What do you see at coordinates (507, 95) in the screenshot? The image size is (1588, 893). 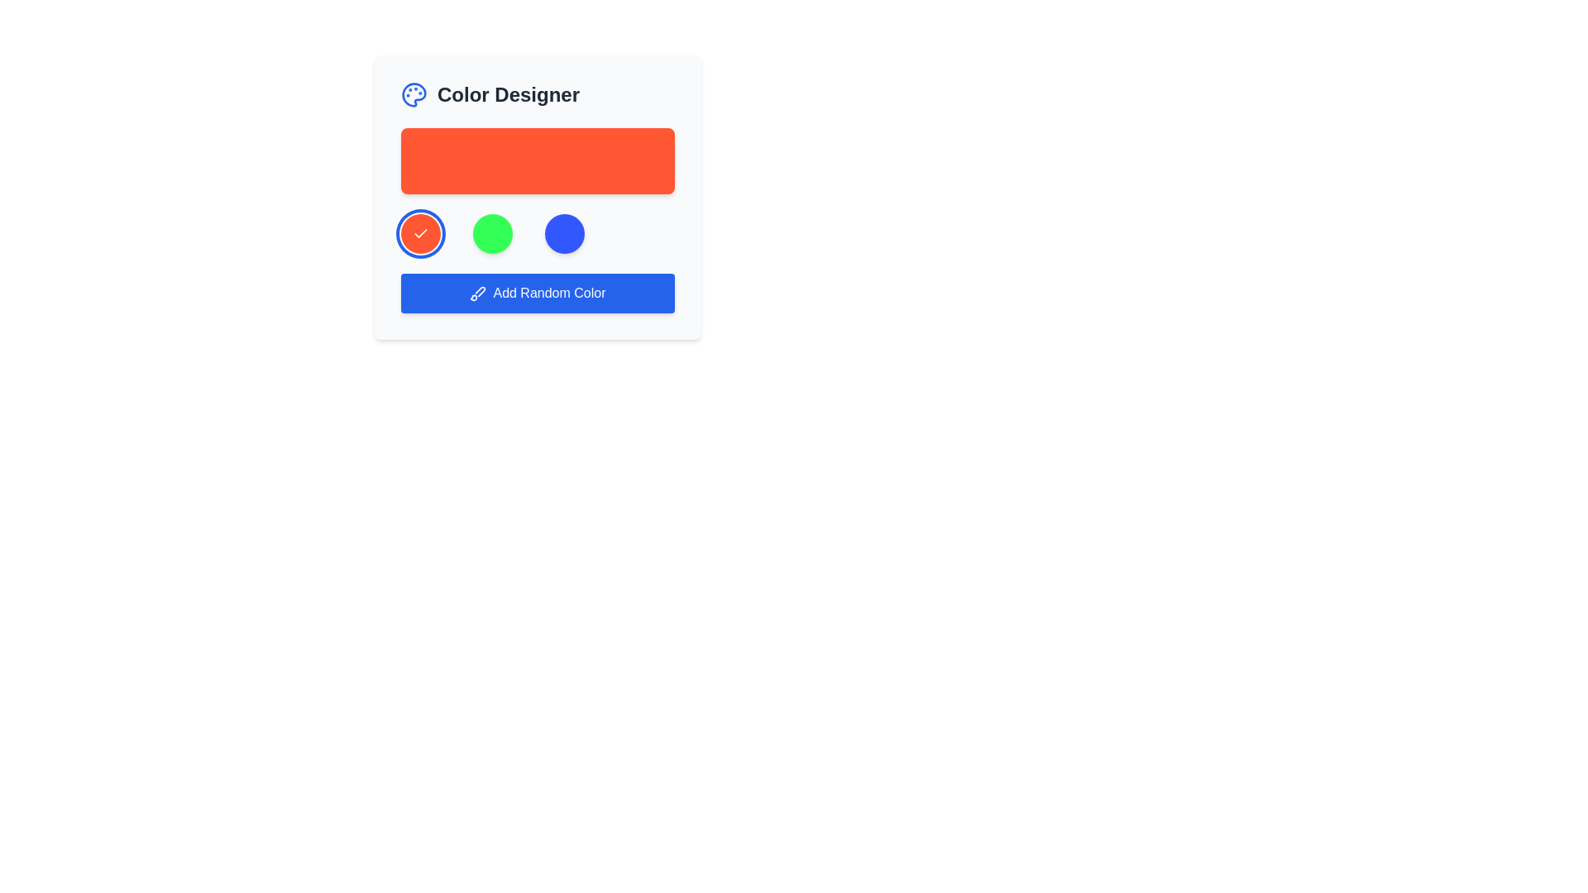 I see `text from the 'Color Designer' label, which is a bold, dark gray text positioned near the top of the interface, to the right of a blue palette icon` at bounding box center [507, 95].